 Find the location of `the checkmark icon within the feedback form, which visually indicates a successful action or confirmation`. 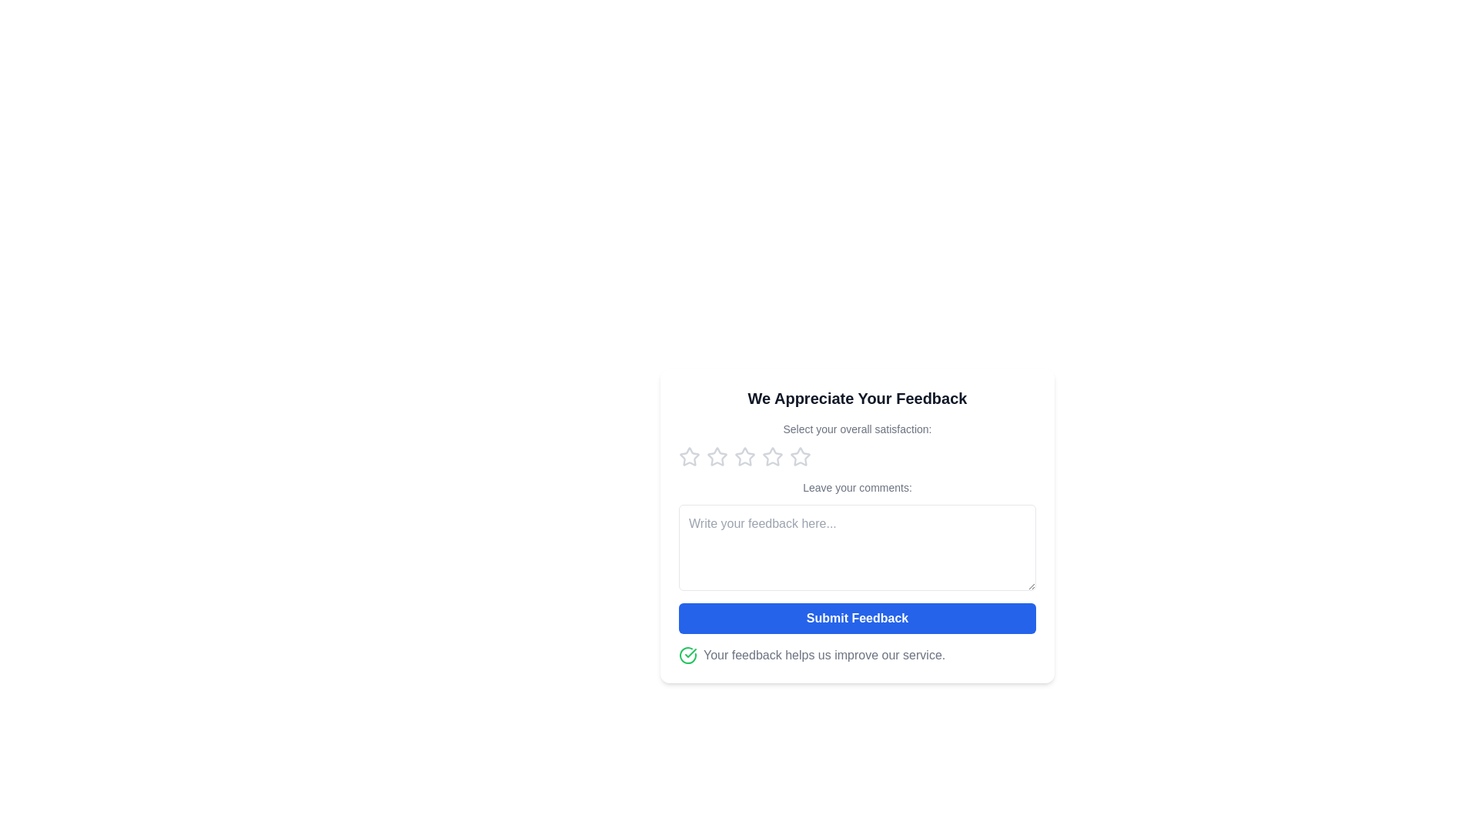

the checkmark icon within the feedback form, which visually indicates a successful action or confirmation is located at coordinates (690, 652).